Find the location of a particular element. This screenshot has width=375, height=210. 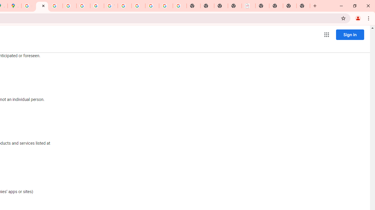

'New Tab' is located at coordinates (262, 6).